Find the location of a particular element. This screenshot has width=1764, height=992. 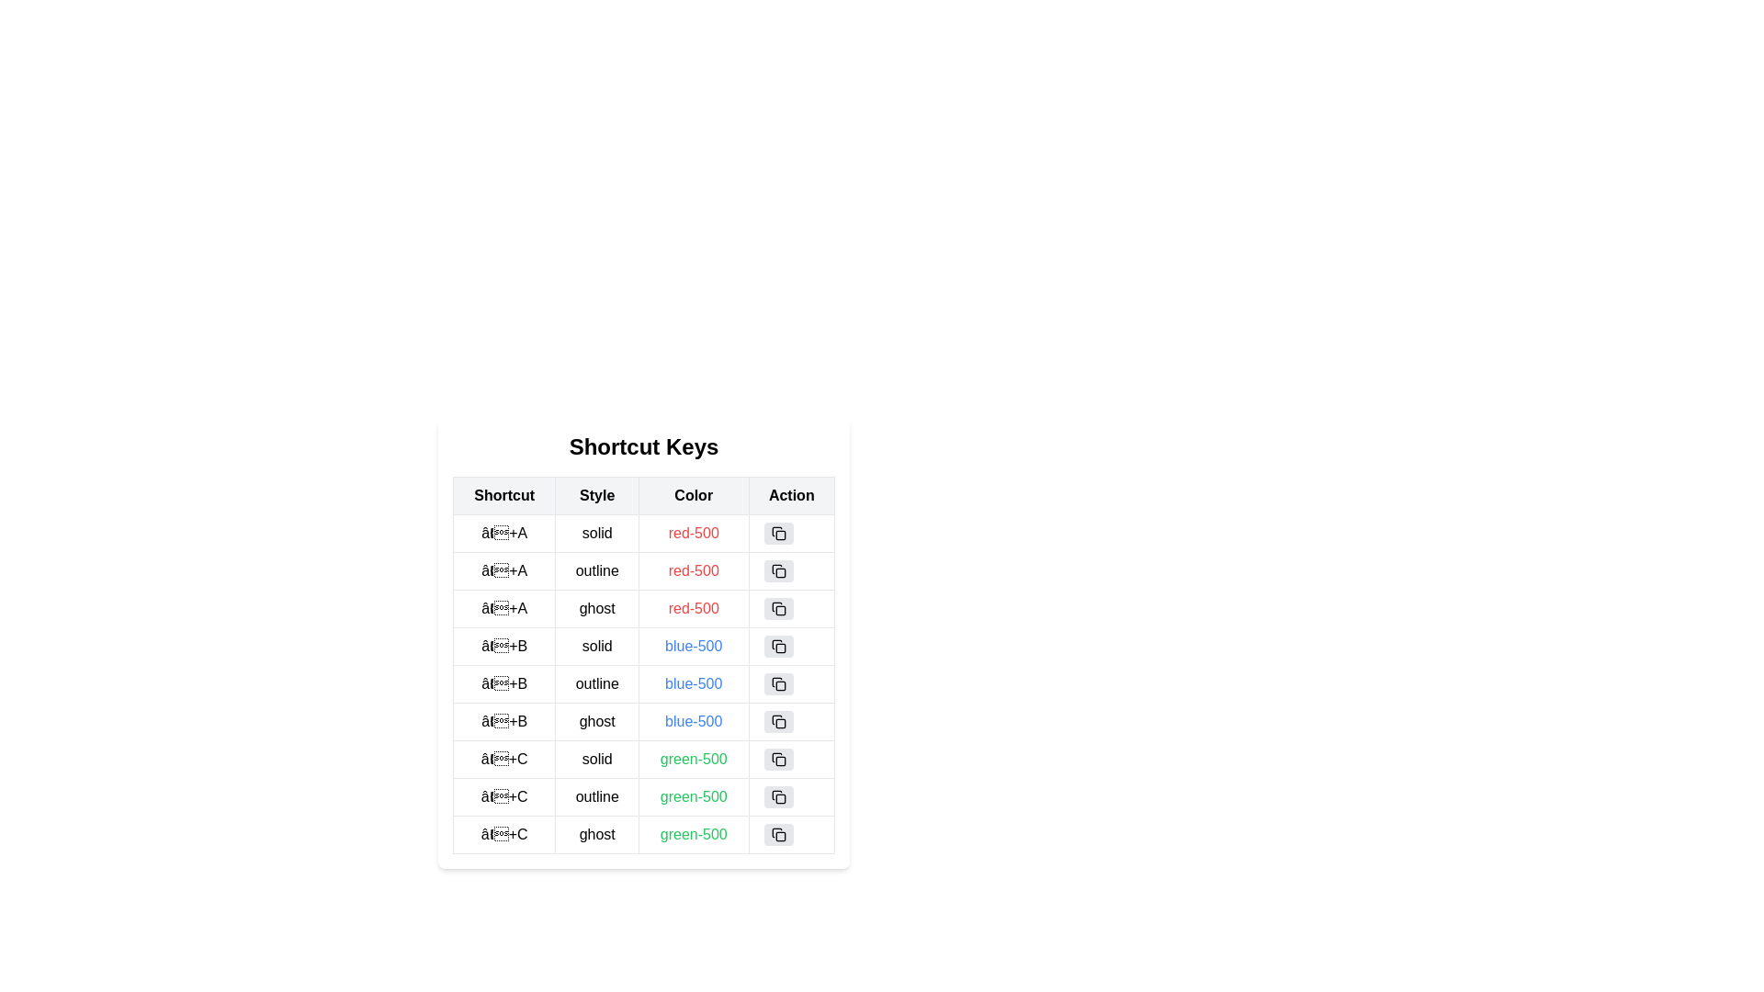

the copy button located in the last row of the table under the 'Action' column is located at coordinates (791, 835).